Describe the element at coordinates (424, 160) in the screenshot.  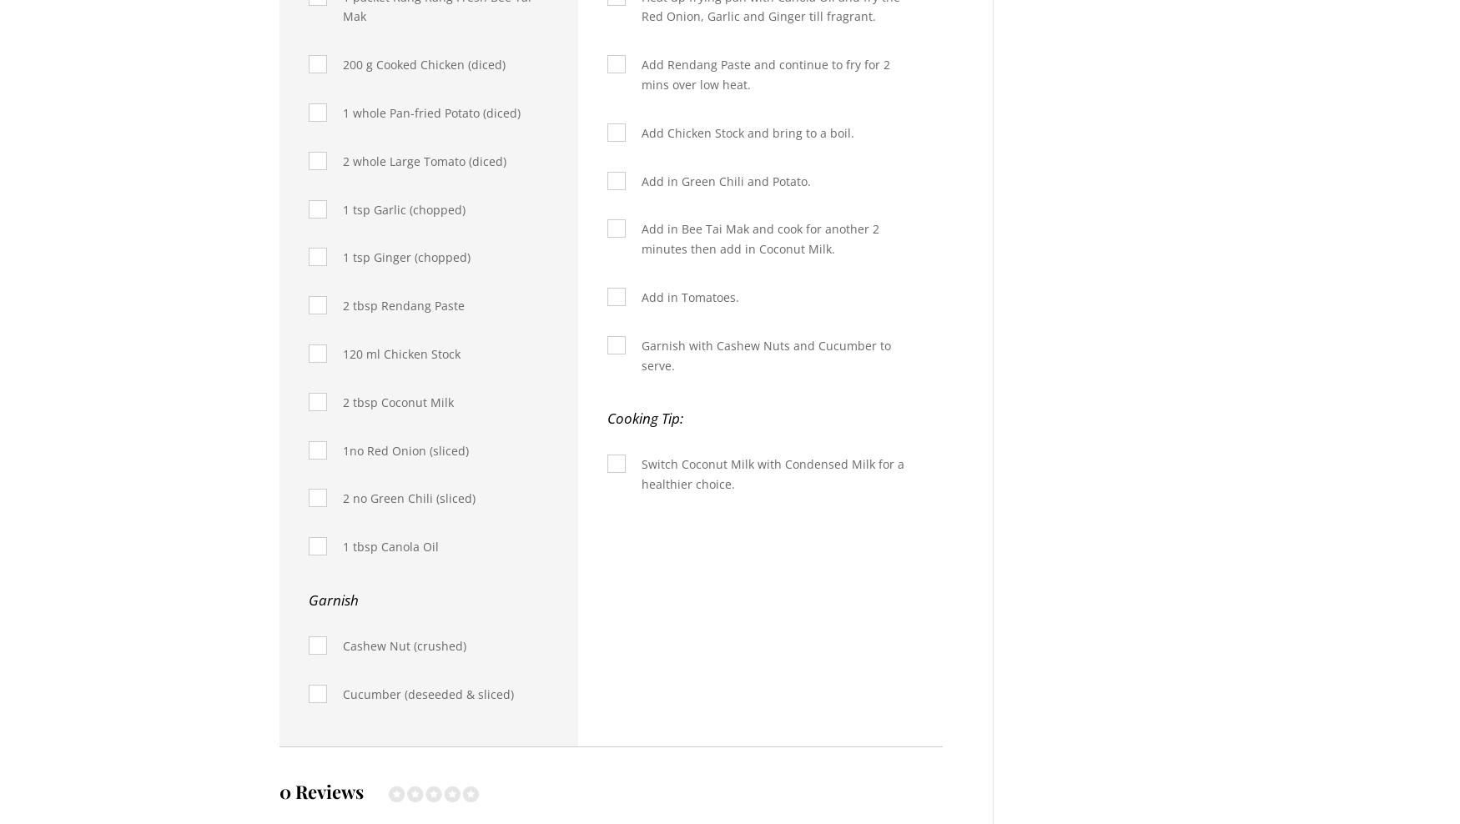
I see `'2 whole Large Tomato (diced)'` at that location.